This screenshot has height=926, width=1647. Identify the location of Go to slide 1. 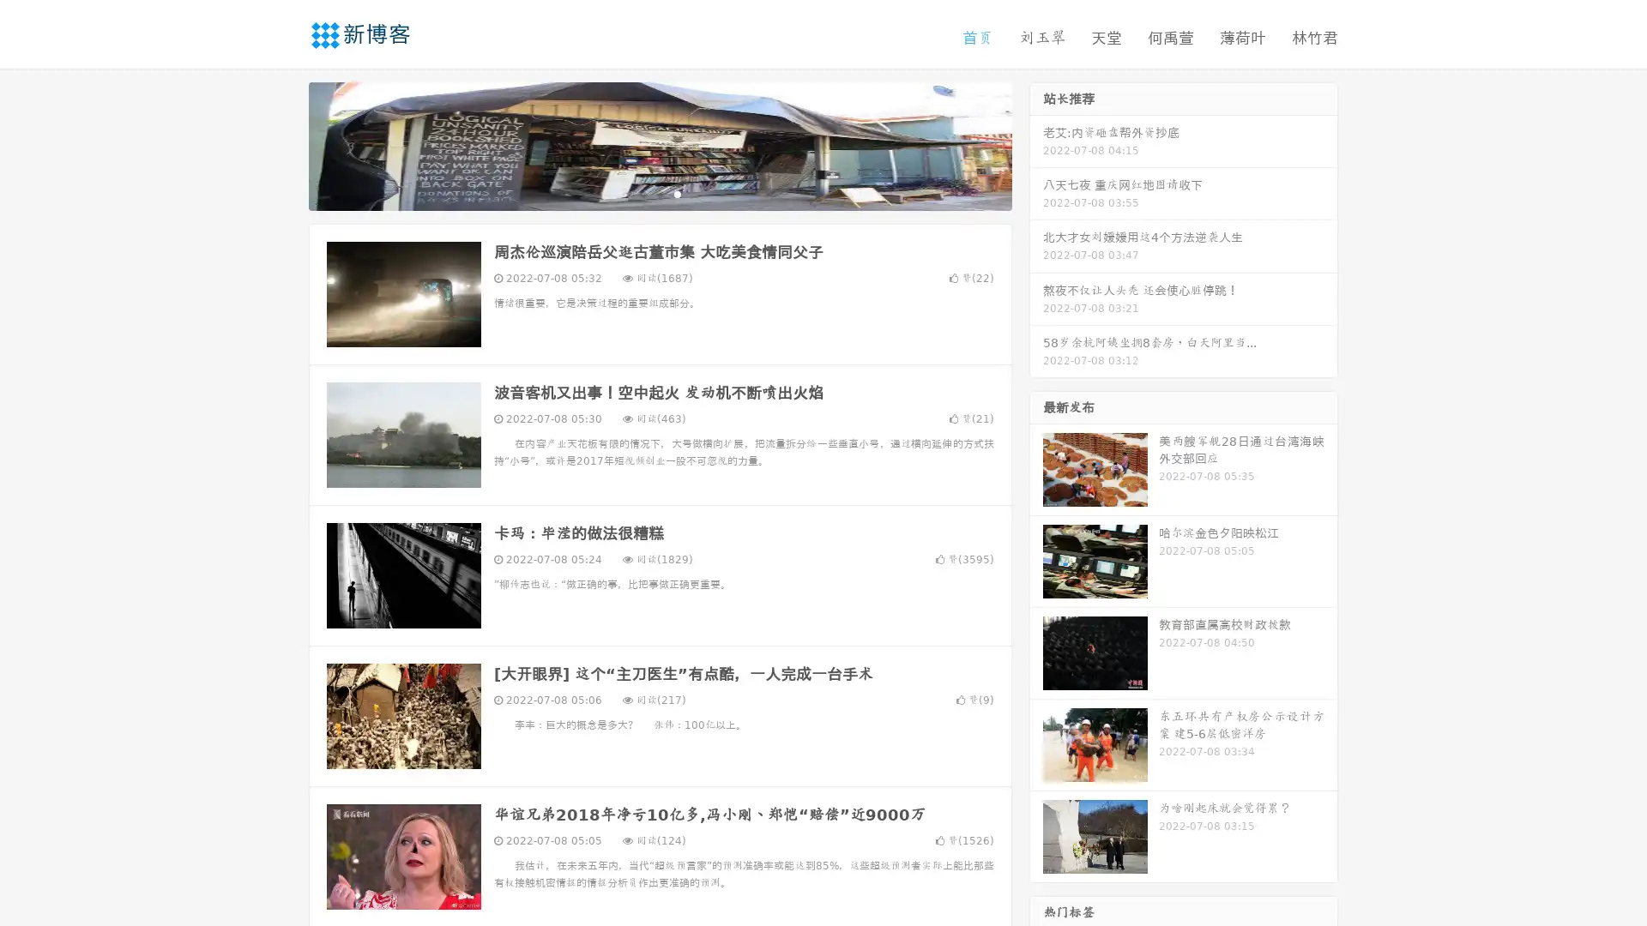
(642, 193).